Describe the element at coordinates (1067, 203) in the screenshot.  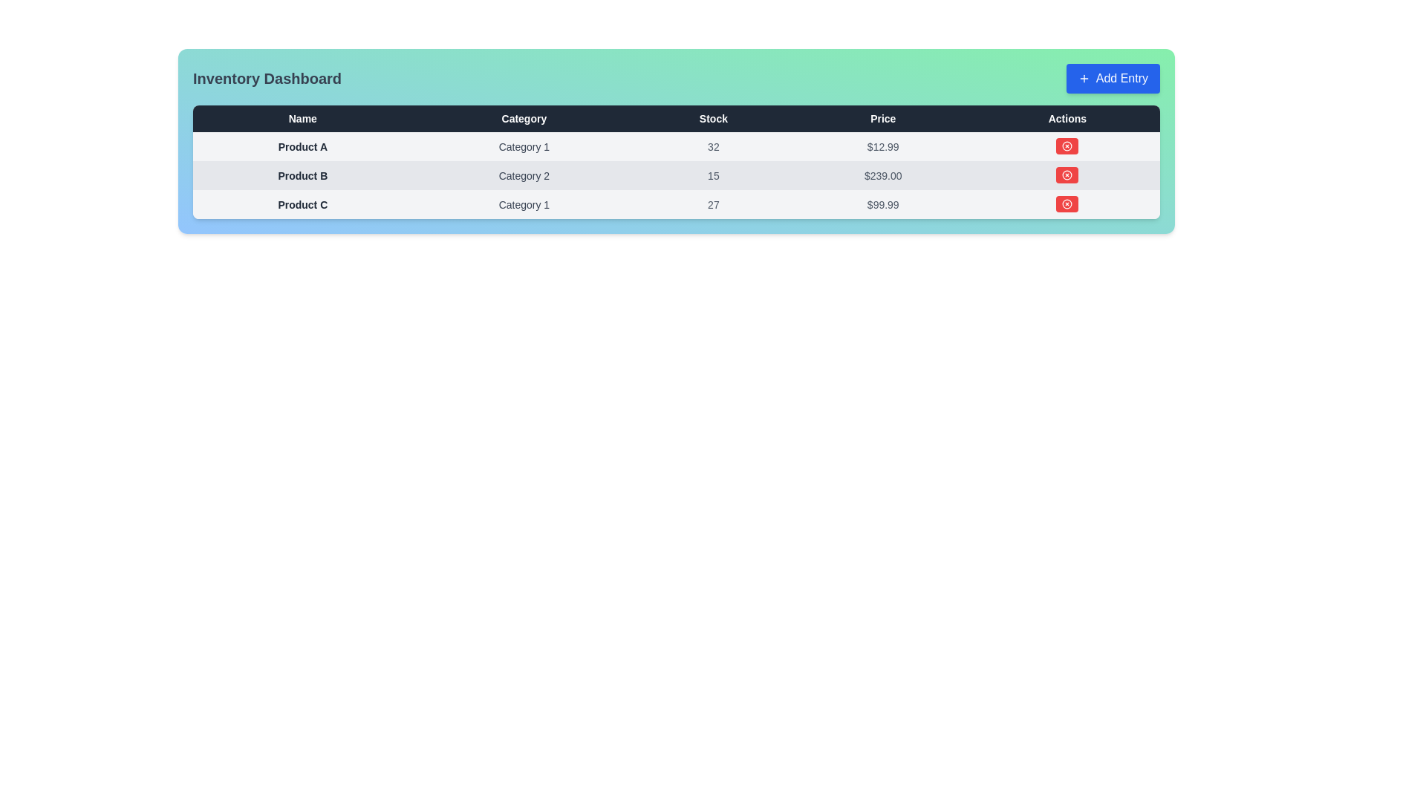
I see `the button located in the last row of the table under the 'Actions' column` at that location.